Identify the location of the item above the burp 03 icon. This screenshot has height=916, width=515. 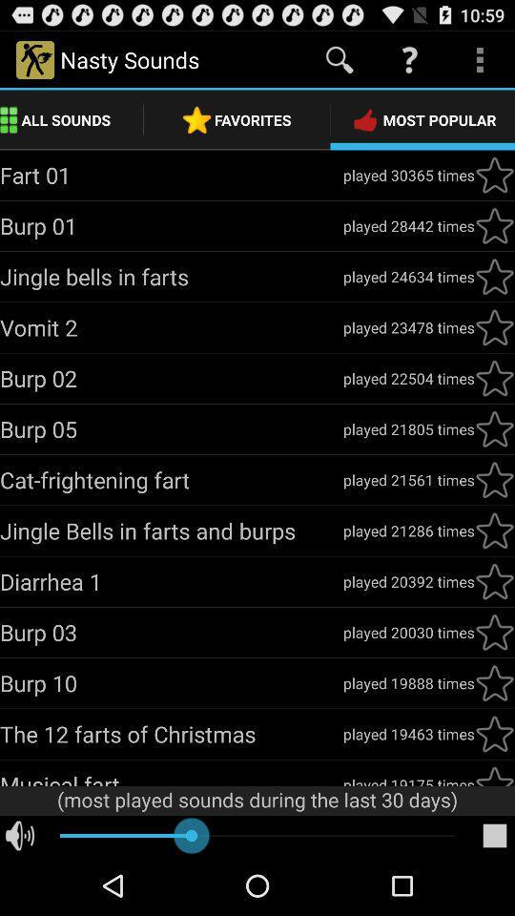
(171, 580).